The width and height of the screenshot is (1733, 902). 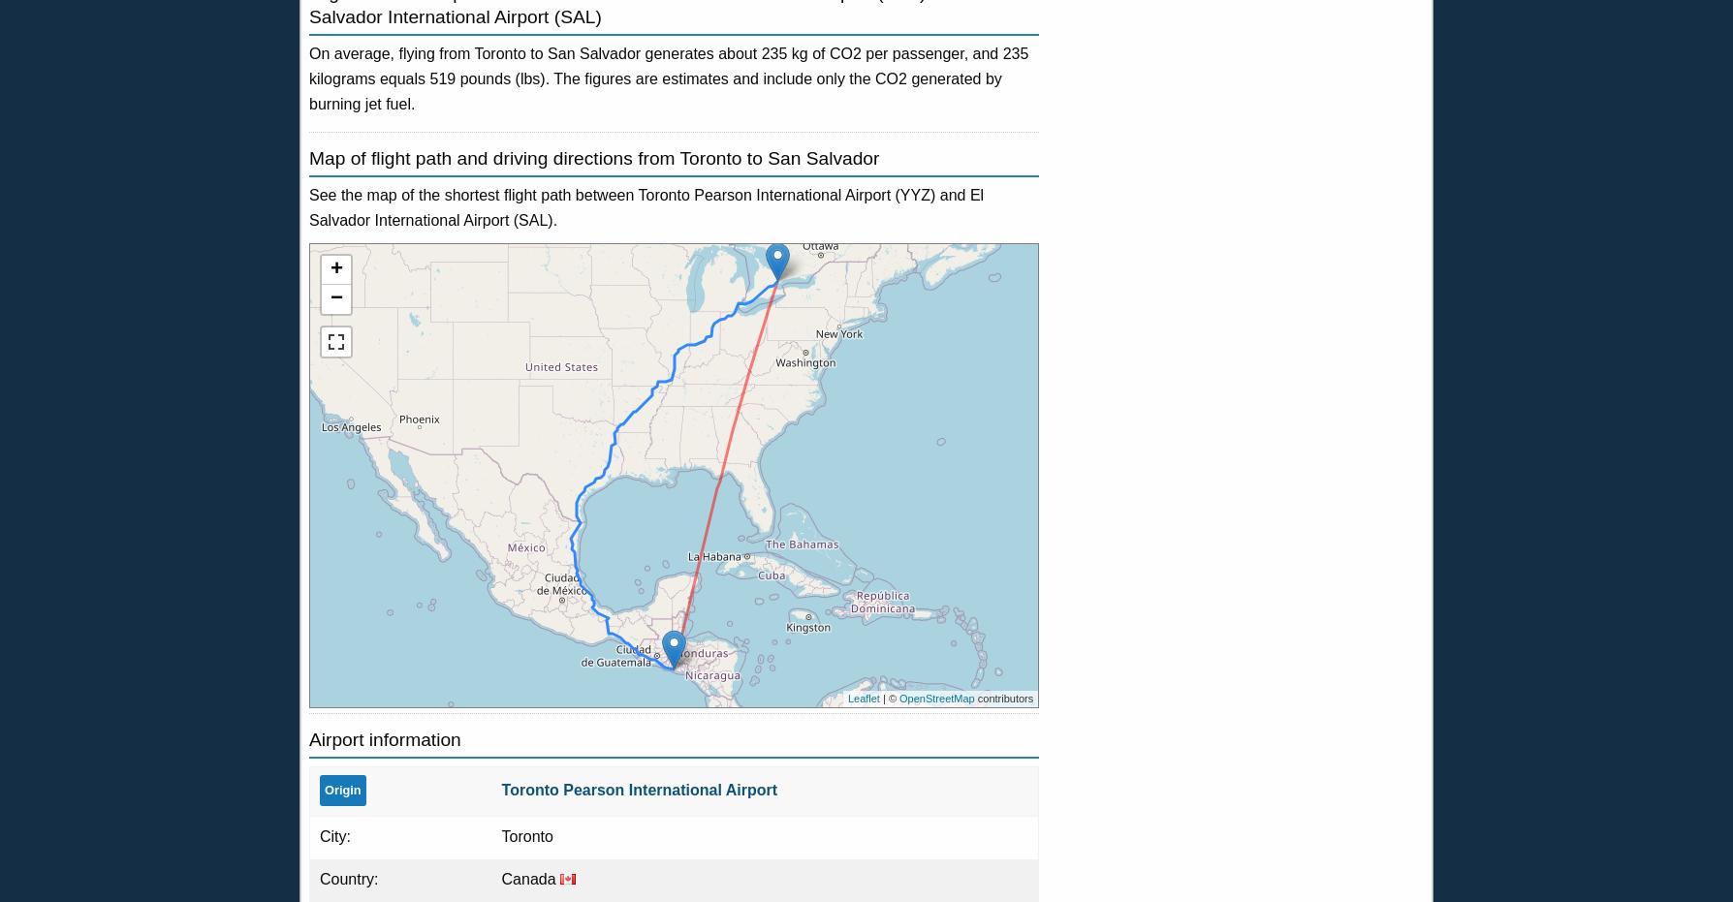 What do you see at coordinates (319, 834) in the screenshot?
I see `'City:'` at bounding box center [319, 834].